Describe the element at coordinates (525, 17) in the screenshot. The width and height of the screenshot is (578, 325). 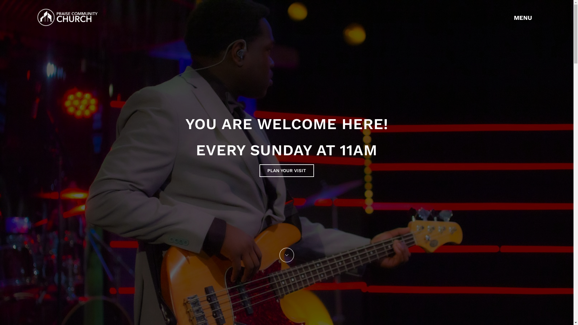
I see `'MENU'` at that location.